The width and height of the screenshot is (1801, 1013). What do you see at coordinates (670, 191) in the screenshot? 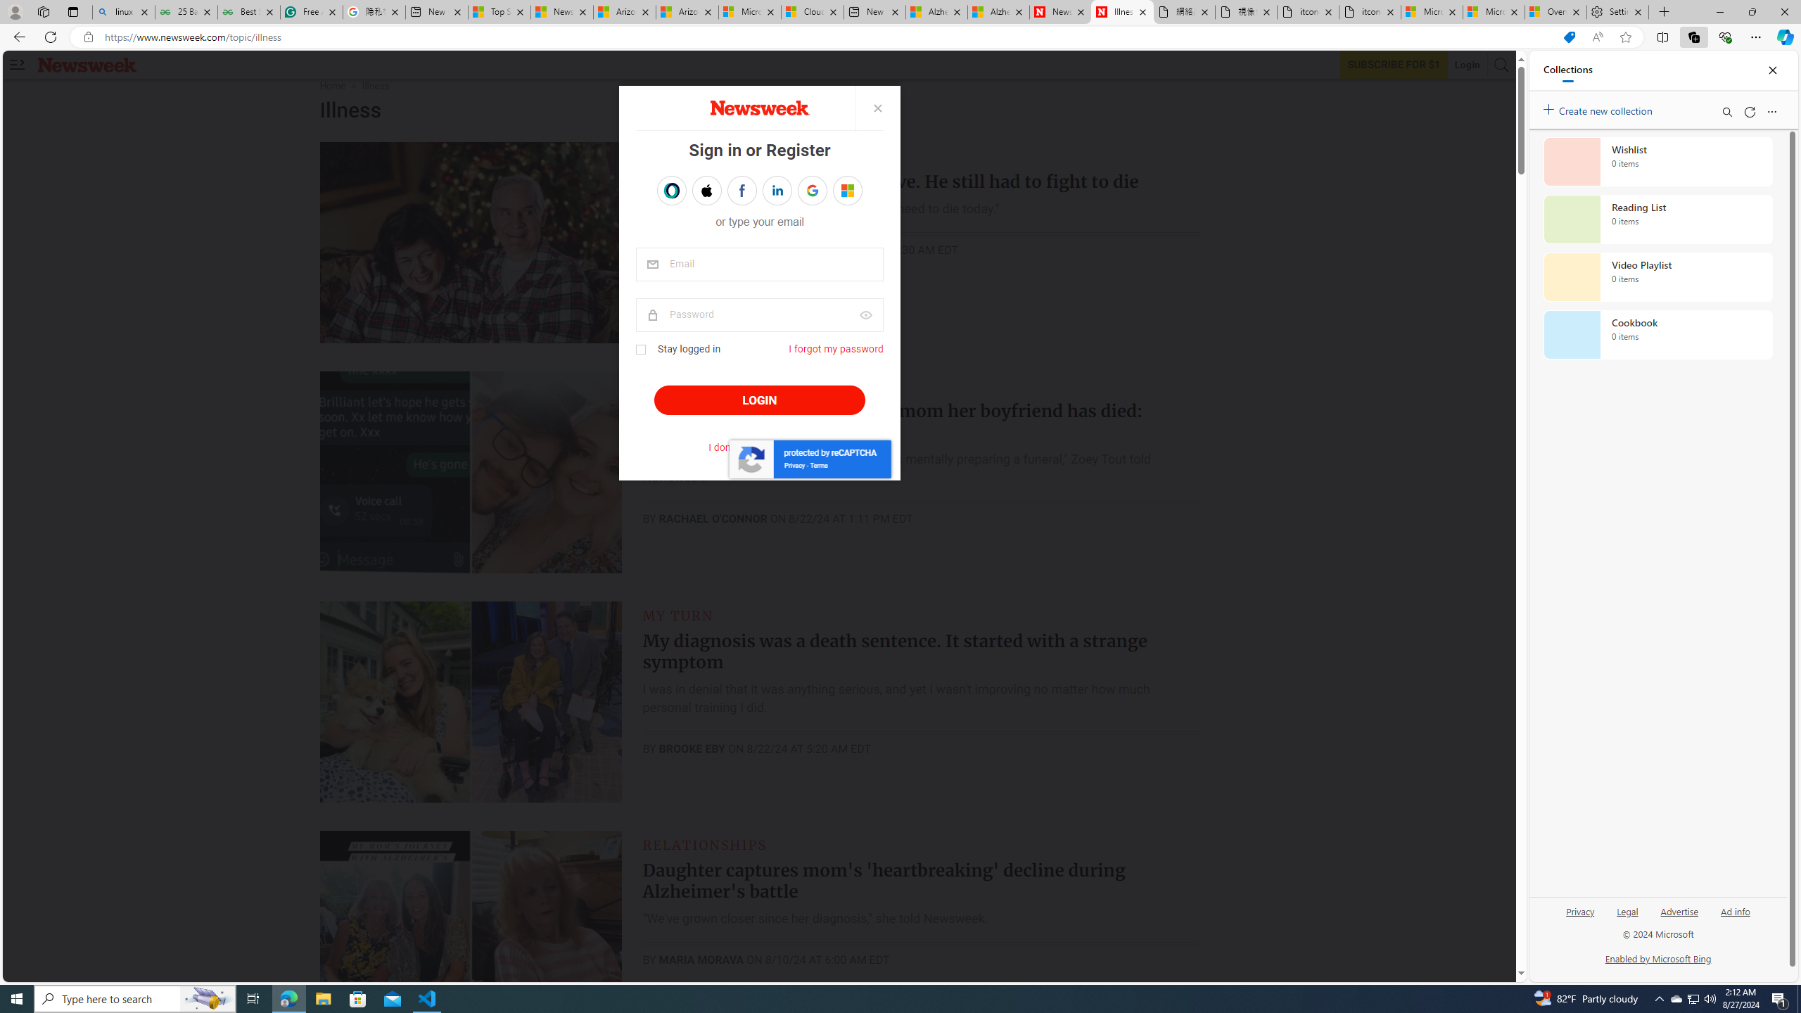
I see `'Sign in with OPENPASS'` at bounding box center [670, 191].